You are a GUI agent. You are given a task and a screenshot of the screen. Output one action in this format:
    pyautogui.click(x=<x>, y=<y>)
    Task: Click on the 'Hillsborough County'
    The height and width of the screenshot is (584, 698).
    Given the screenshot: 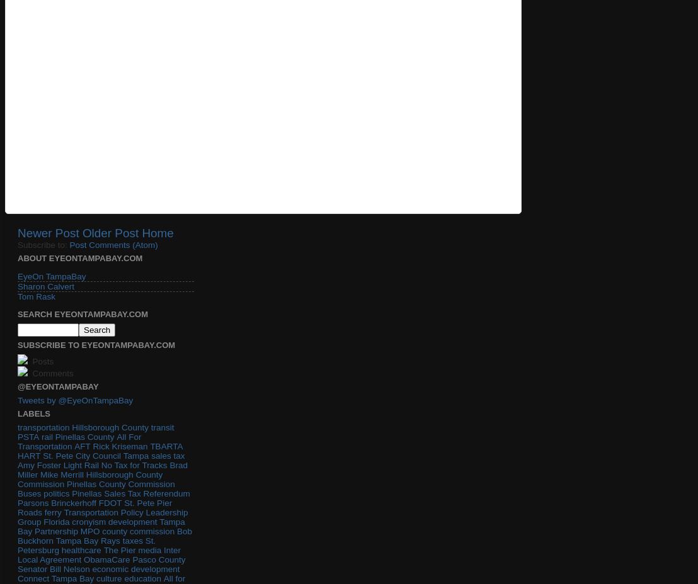 What is the action you would take?
    pyautogui.click(x=109, y=427)
    